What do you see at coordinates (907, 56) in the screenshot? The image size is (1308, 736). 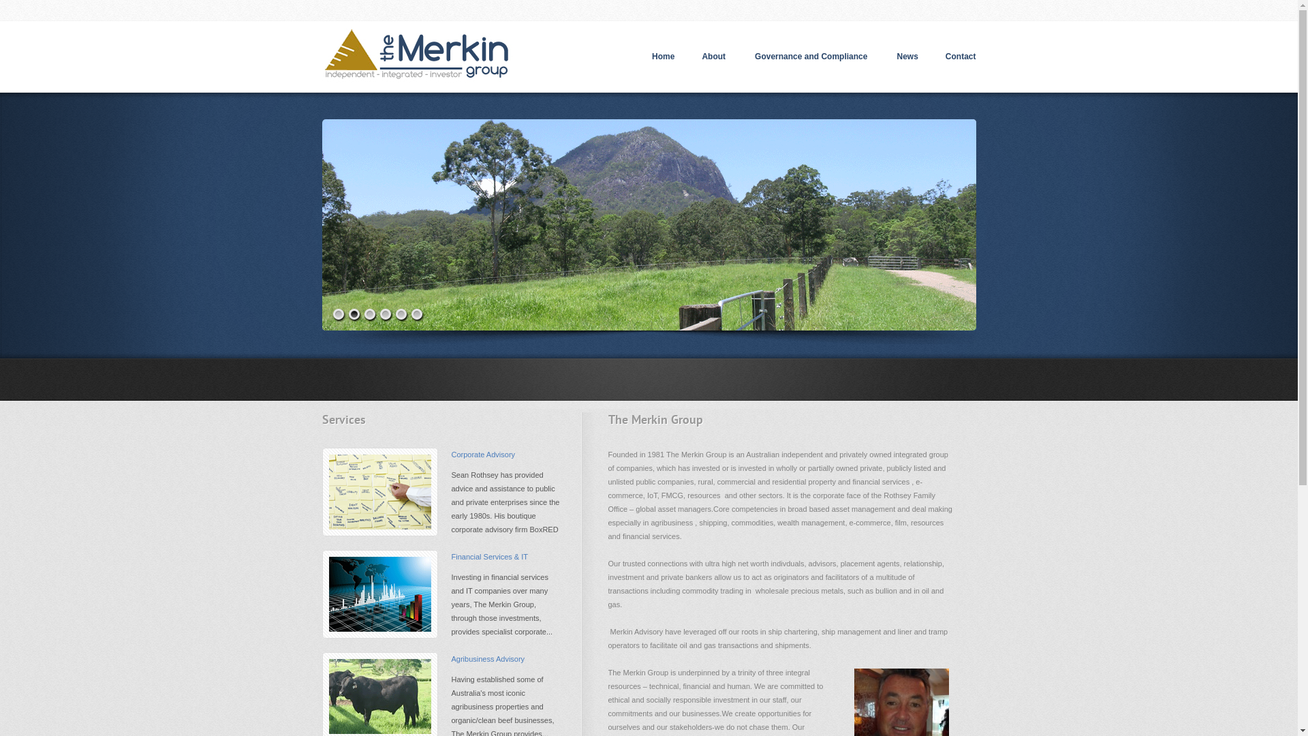 I see `'News'` at bounding box center [907, 56].